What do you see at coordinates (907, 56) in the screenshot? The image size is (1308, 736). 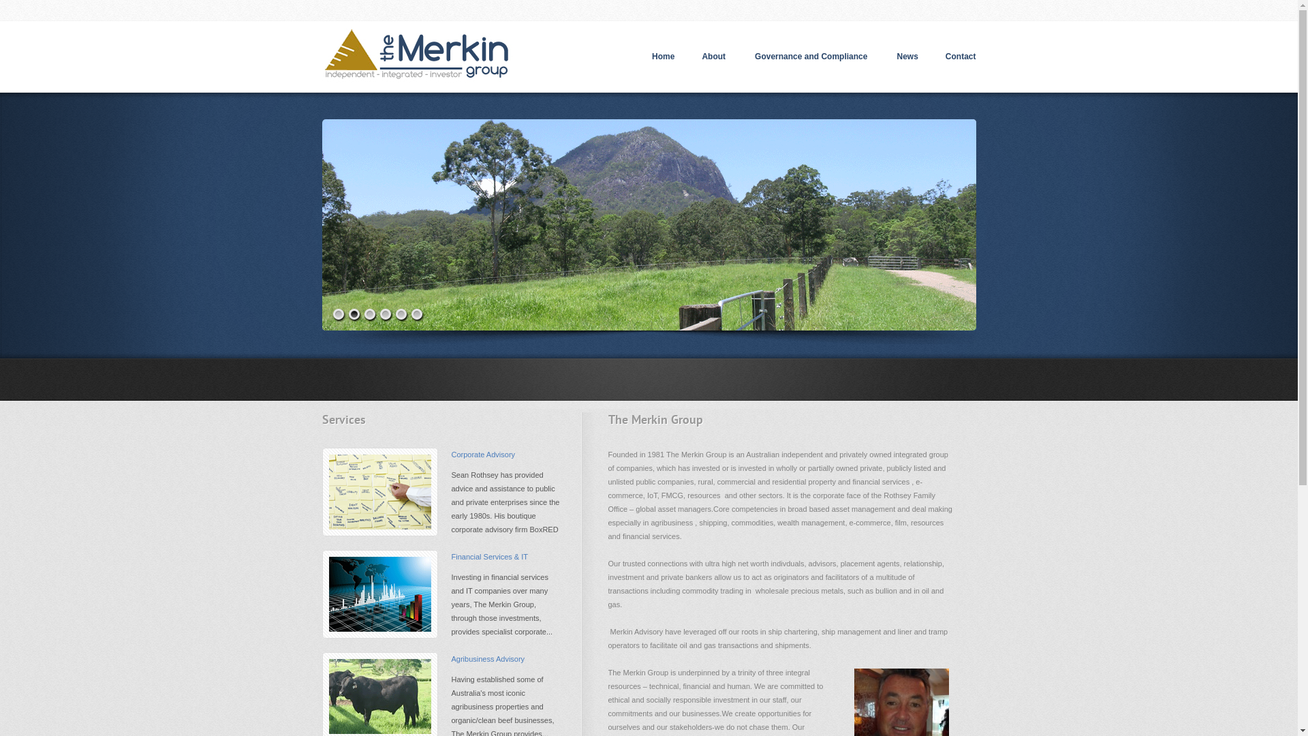 I see `'News'` at bounding box center [907, 56].